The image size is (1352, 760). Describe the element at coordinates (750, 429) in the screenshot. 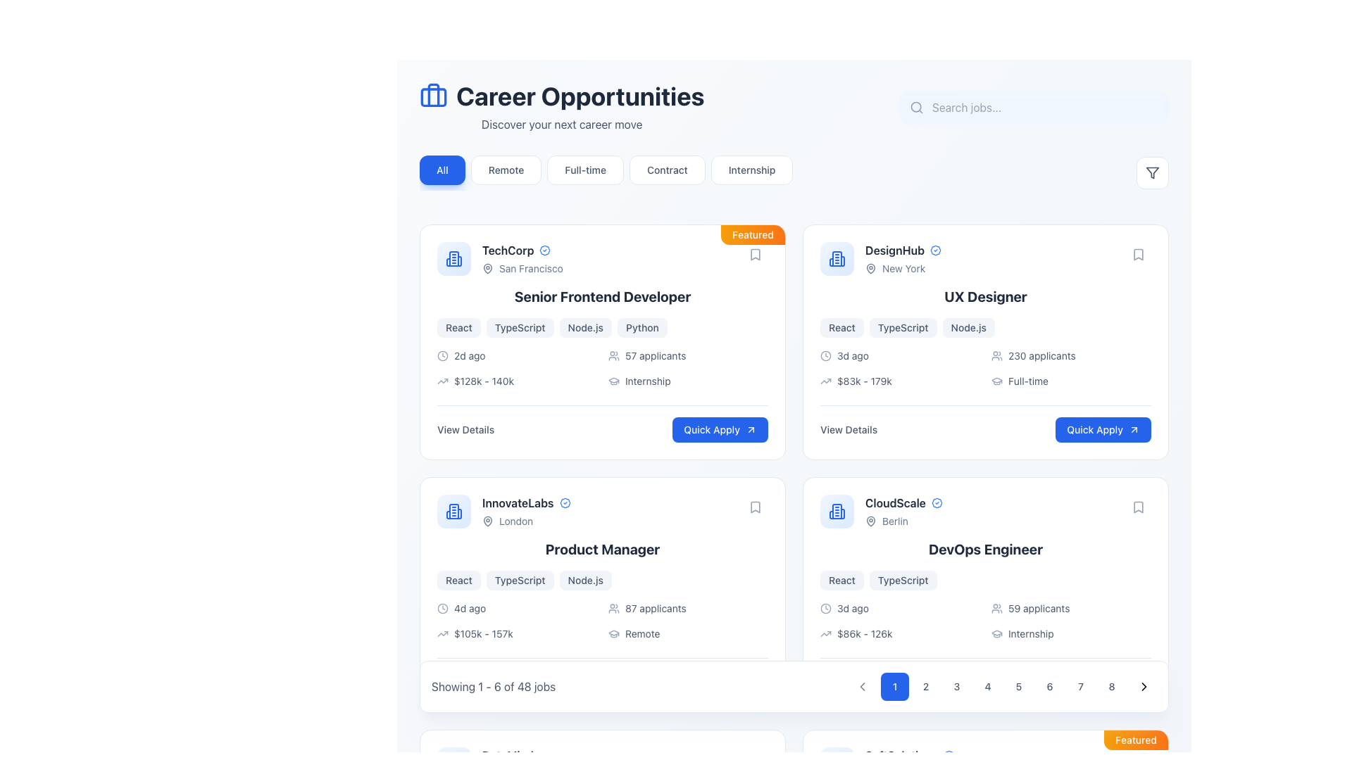

I see `the icon located on the right side of the 'Quick Apply' button in the job card for 'Senior Frontend Developer'` at that location.